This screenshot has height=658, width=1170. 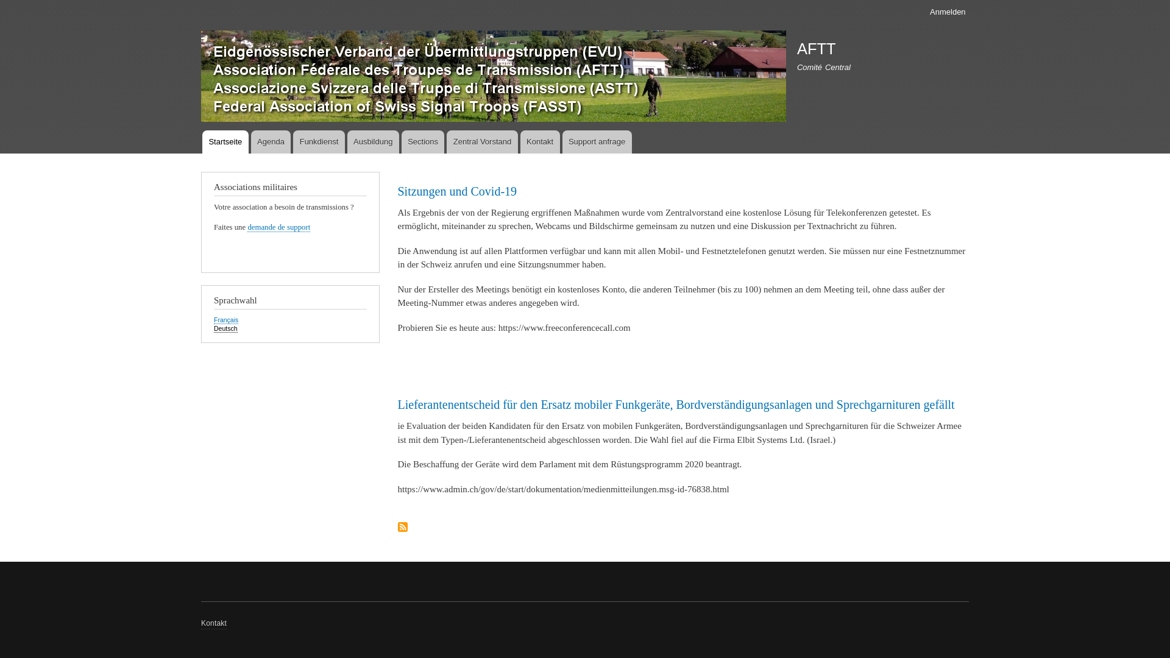 I want to click on 'demande de support', so click(x=247, y=227).